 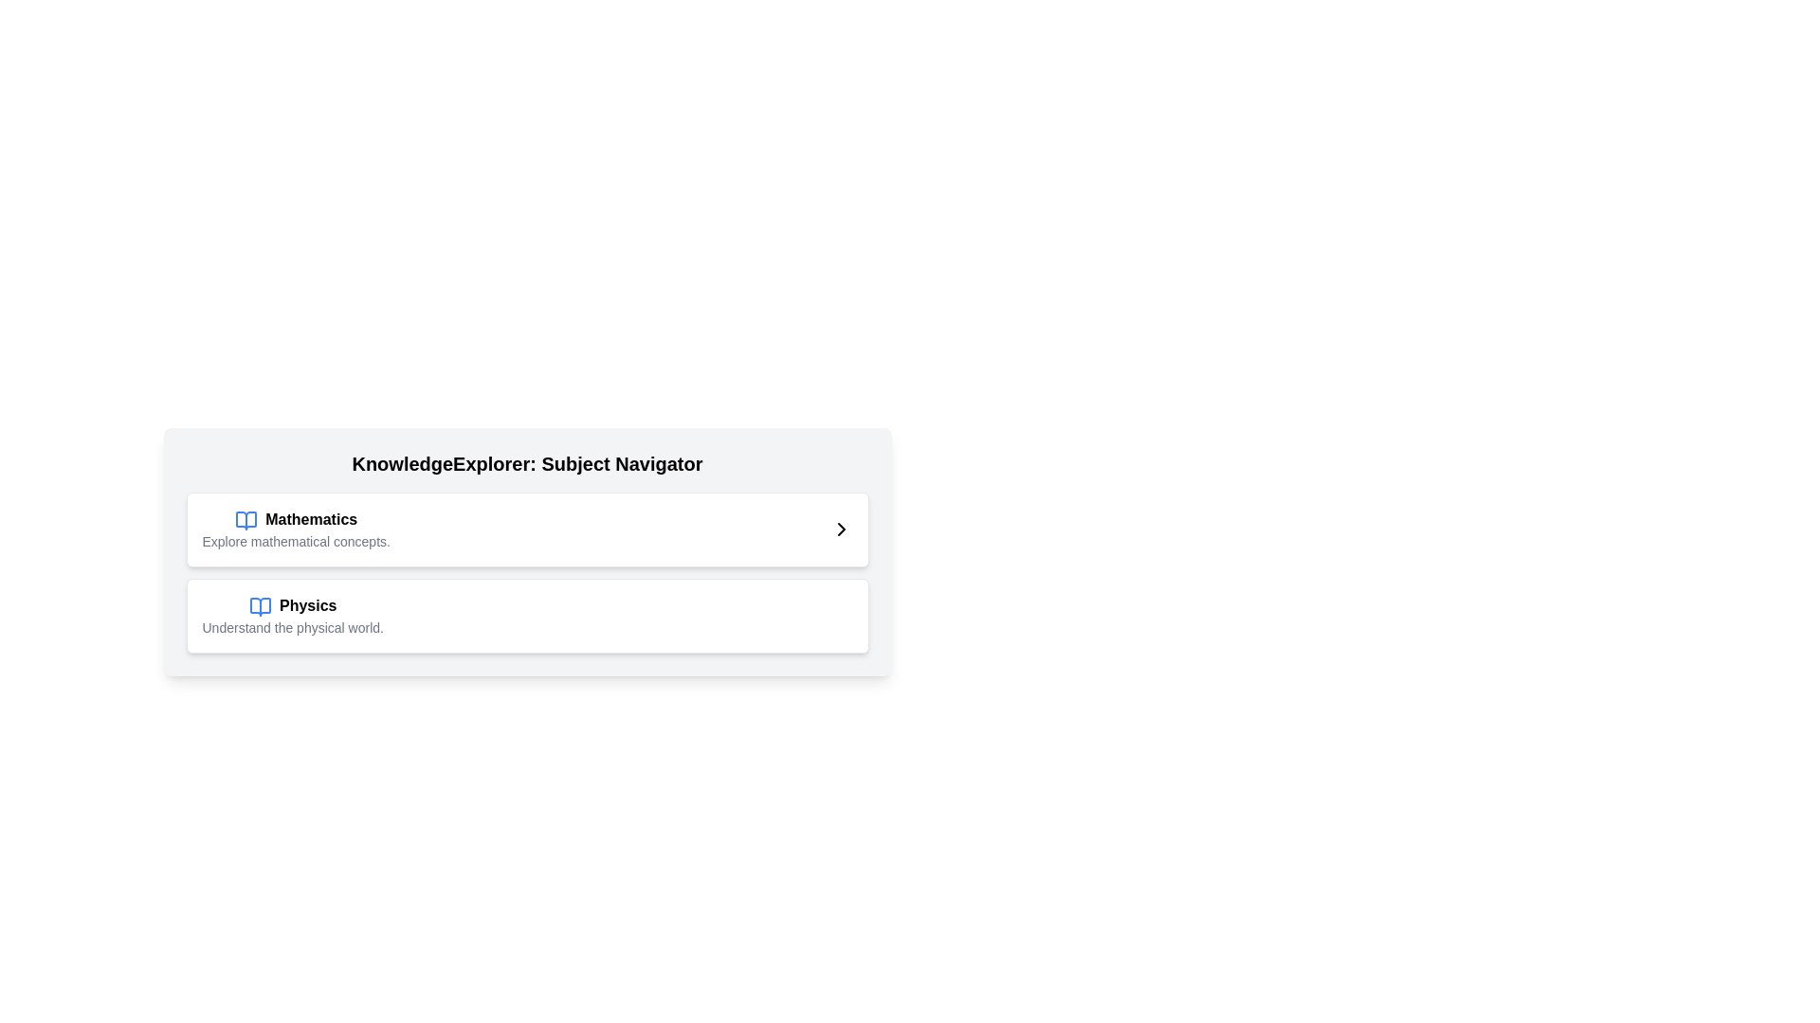 What do you see at coordinates (527, 529) in the screenshot?
I see `the first navigation link for mathematical concepts located at the top of the vertical stack` at bounding box center [527, 529].